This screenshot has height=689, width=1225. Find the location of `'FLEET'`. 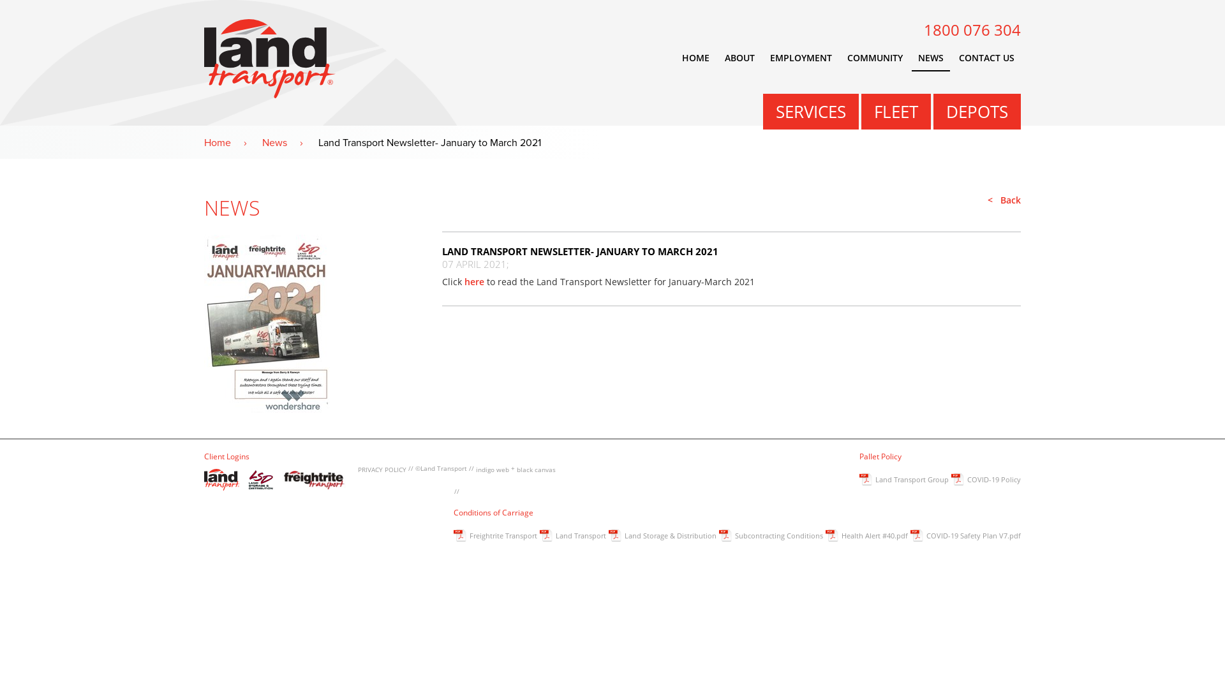

'FLEET' is located at coordinates (895, 110).